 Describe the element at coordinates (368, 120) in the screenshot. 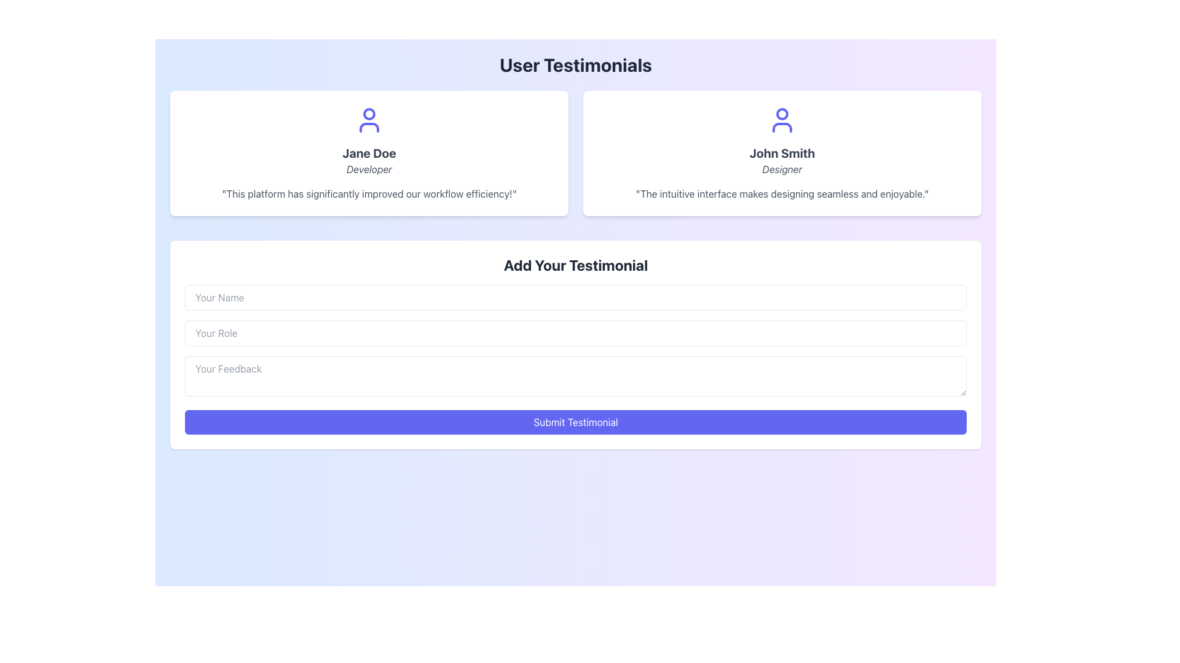

I see `the Decorative Icon that resembles a user silhouette, positioned at the top center of the testimonial box for Jane Doe's feedback` at that location.